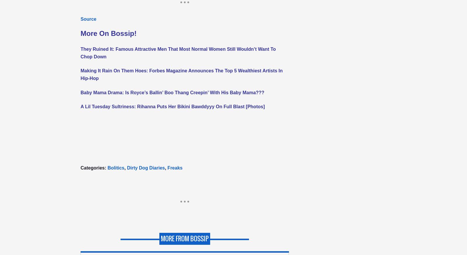  What do you see at coordinates (145, 167) in the screenshot?
I see `'Dirty Dog Diaries'` at bounding box center [145, 167].